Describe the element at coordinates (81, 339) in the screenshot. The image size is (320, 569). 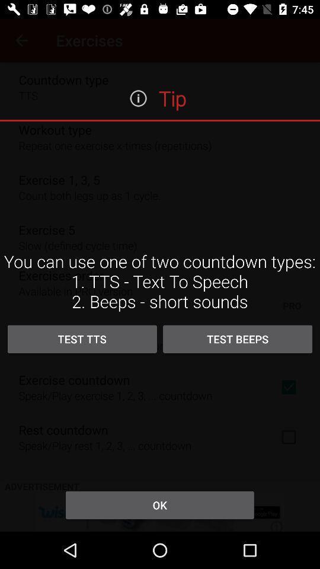
I see `test tts icon` at that location.